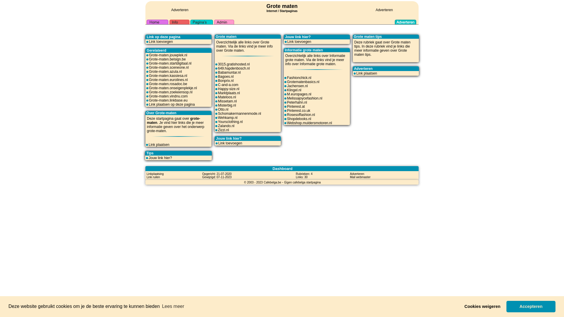 Image resolution: width=564 pixels, height=317 pixels. I want to click on 'Adverteren', so click(357, 173).